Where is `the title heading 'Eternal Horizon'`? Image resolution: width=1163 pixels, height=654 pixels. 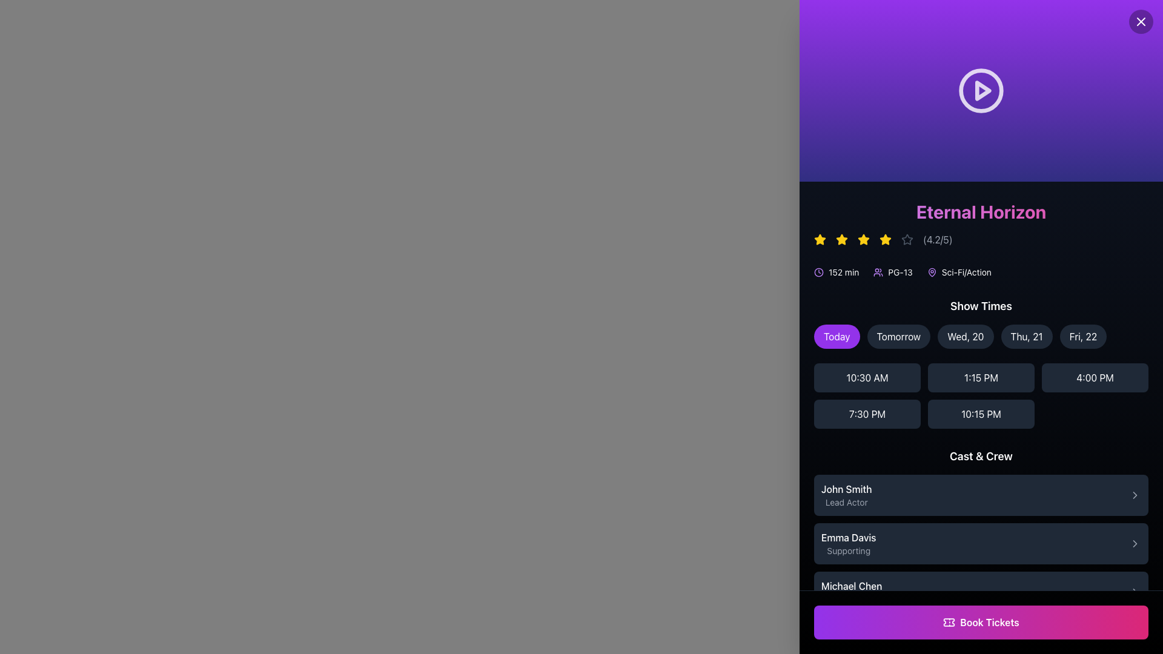 the title heading 'Eternal Horizon' is located at coordinates (981, 211).